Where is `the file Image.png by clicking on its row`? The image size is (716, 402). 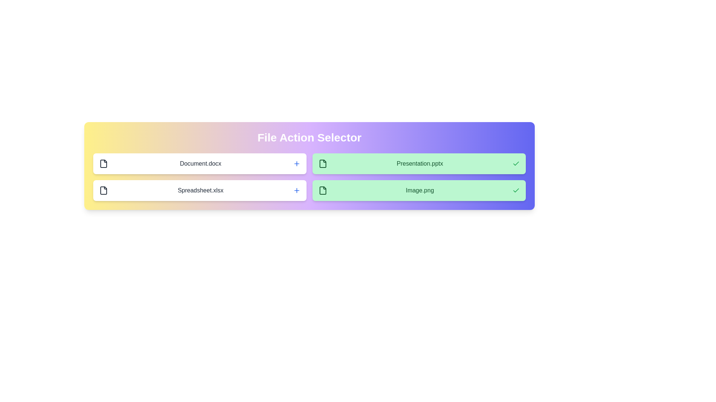 the file Image.png by clicking on its row is located at coordinates (419, 190).